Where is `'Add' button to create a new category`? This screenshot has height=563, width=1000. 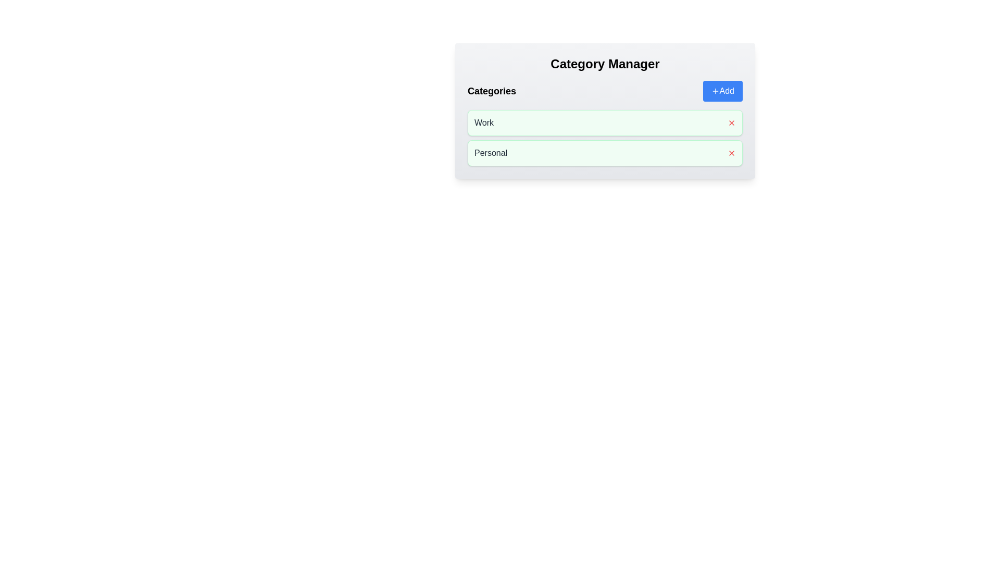 'Add' button to create a new category is located at coordinates (722, 90).